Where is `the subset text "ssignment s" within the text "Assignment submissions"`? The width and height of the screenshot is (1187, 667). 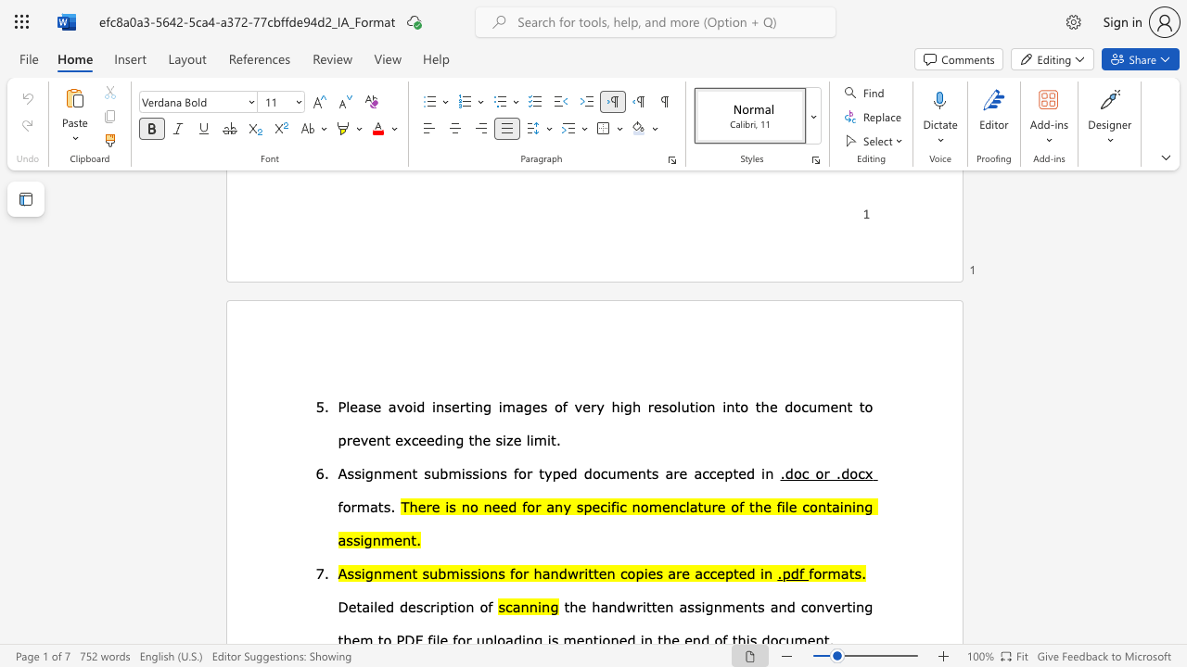 the subset text "ssignment s" within the text "Assignment submissions" is located at coordinates (347, 472).